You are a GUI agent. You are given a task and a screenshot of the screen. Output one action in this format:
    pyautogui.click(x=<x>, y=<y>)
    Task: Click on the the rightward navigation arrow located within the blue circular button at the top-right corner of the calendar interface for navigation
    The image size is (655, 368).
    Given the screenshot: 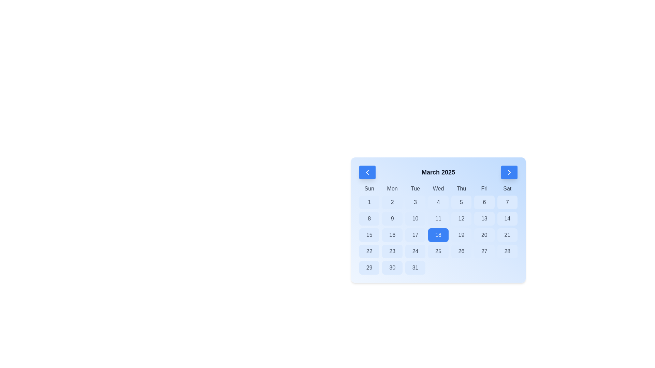 What is the action you would take?
    pyautogui.click(x=509, y=172)
    